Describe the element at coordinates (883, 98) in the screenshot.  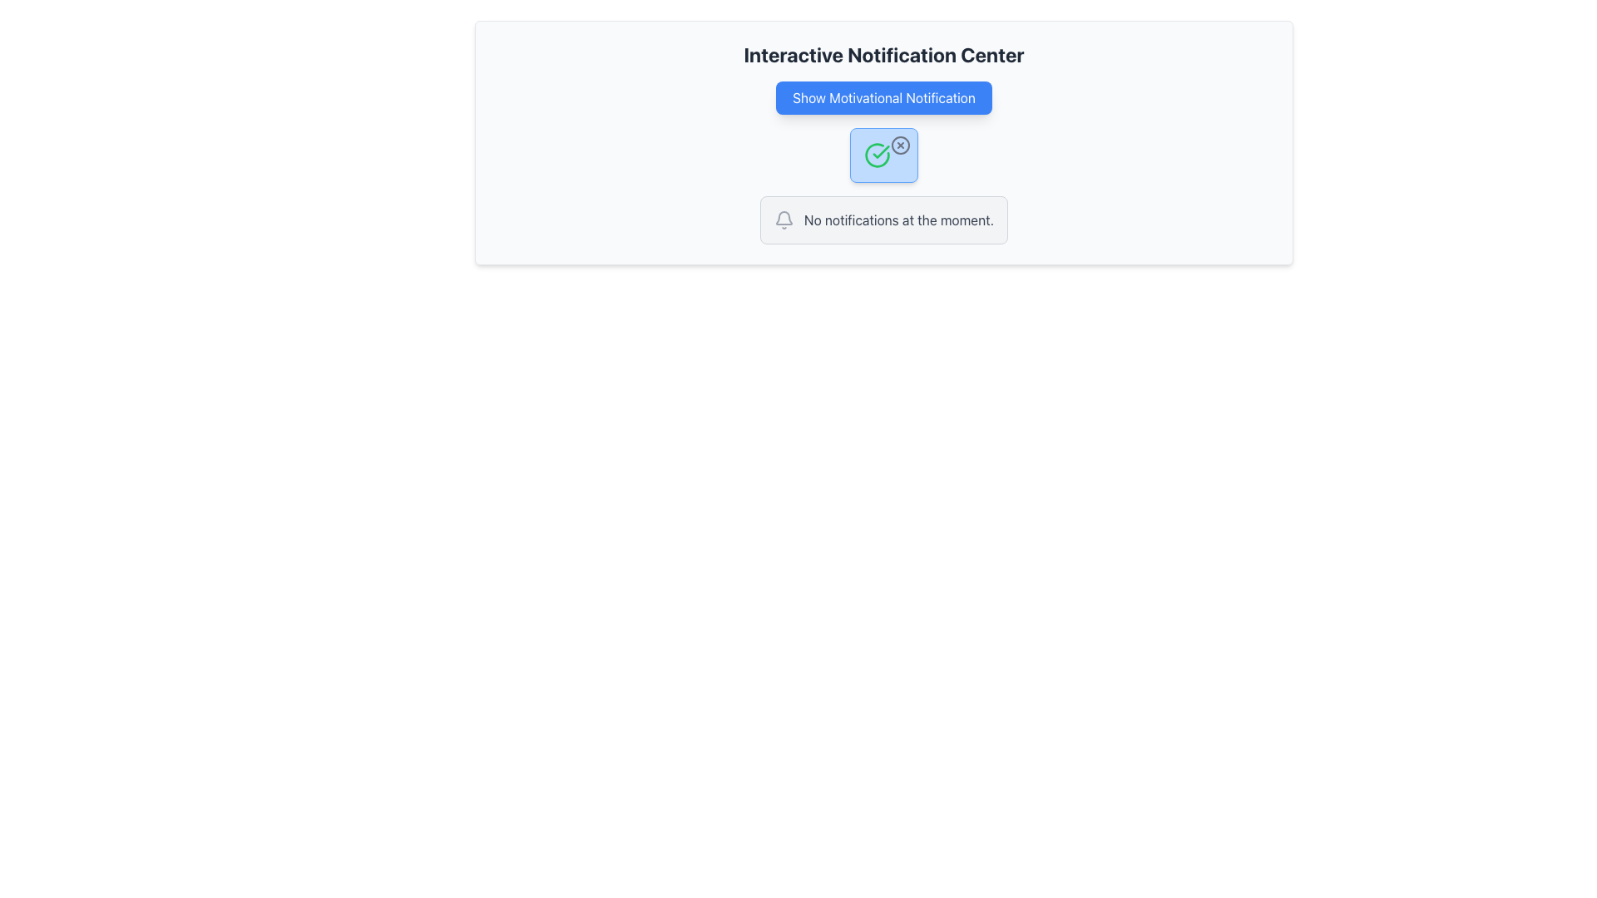
I see `the motivational notification button located under the 'Interactive Notification Center' heading` at that location.